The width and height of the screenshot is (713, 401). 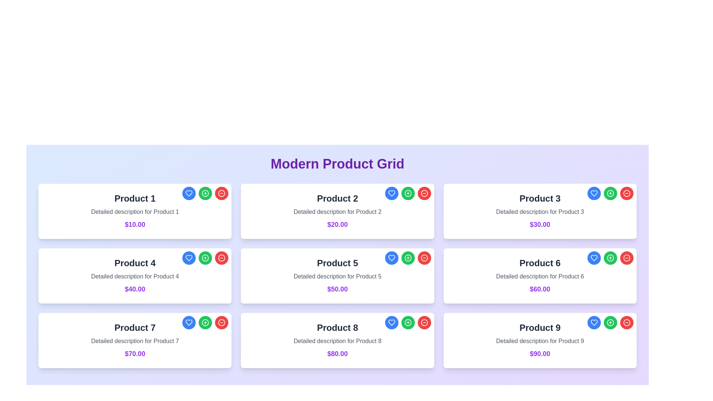 What do you see at coordinates (135, 198) in the screenshot?
I see `the product name text label located at the top of the product card, which displays the product's name and is centrally aligned` at bounding box center [135, 198].